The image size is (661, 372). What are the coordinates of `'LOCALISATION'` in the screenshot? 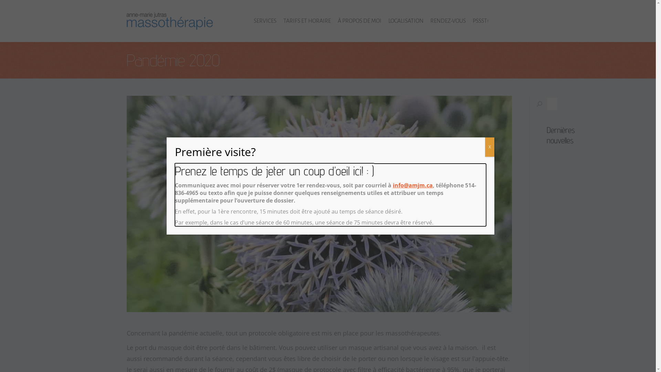 It's located at (388, 21).